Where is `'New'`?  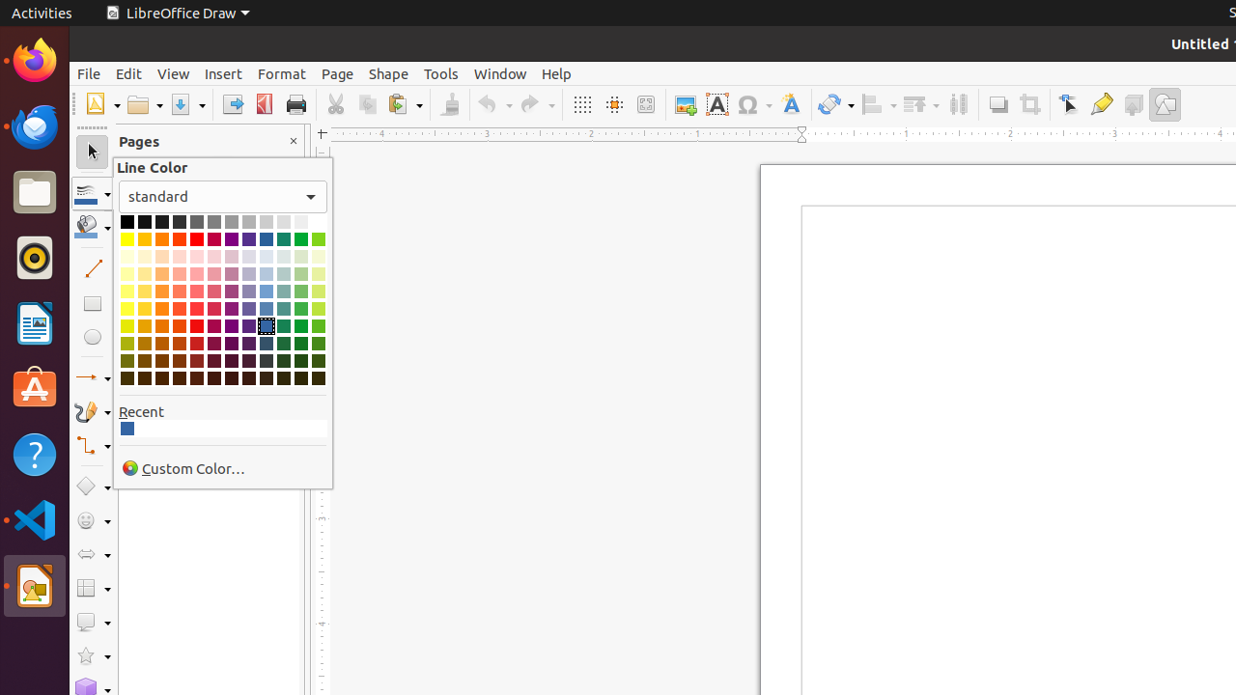
'New' is located at coordinates (100, 104).